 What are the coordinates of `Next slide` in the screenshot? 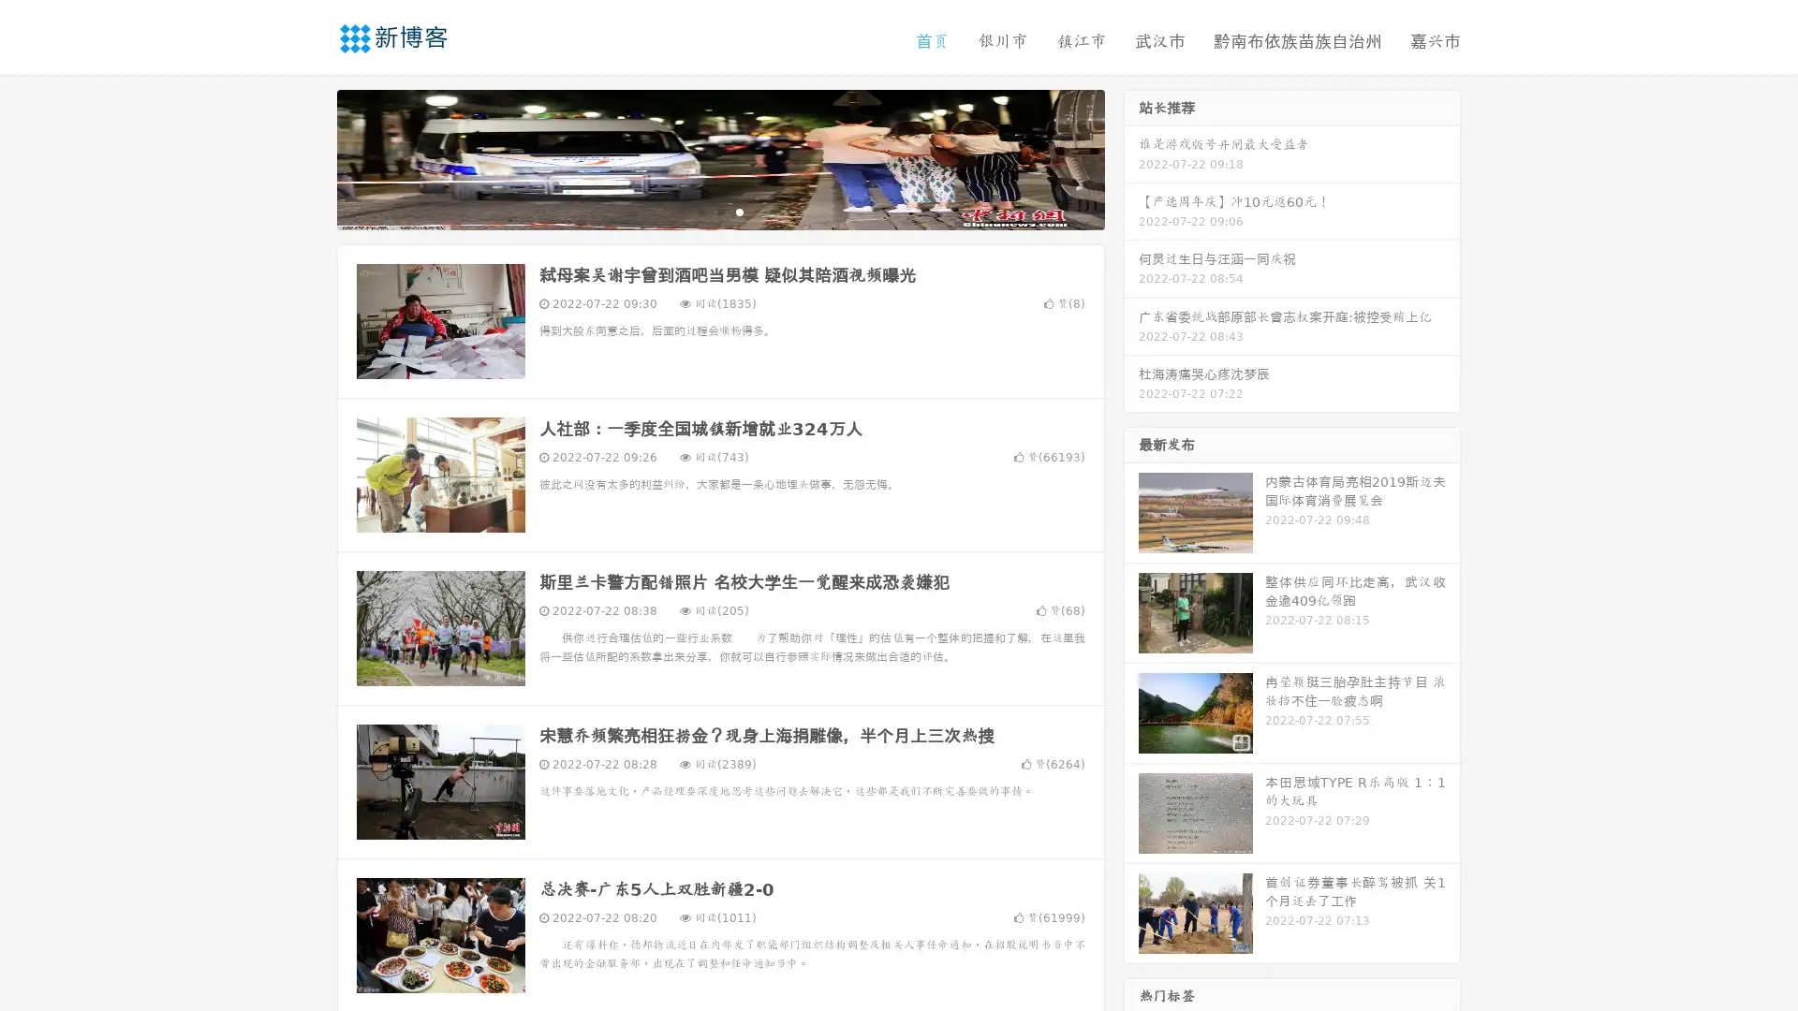 It's located at (1131, 157).